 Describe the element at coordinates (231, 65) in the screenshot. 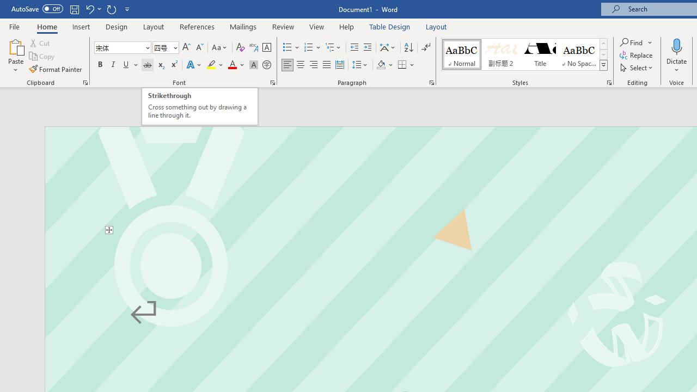

I see `'Font Color Red'` at that location.